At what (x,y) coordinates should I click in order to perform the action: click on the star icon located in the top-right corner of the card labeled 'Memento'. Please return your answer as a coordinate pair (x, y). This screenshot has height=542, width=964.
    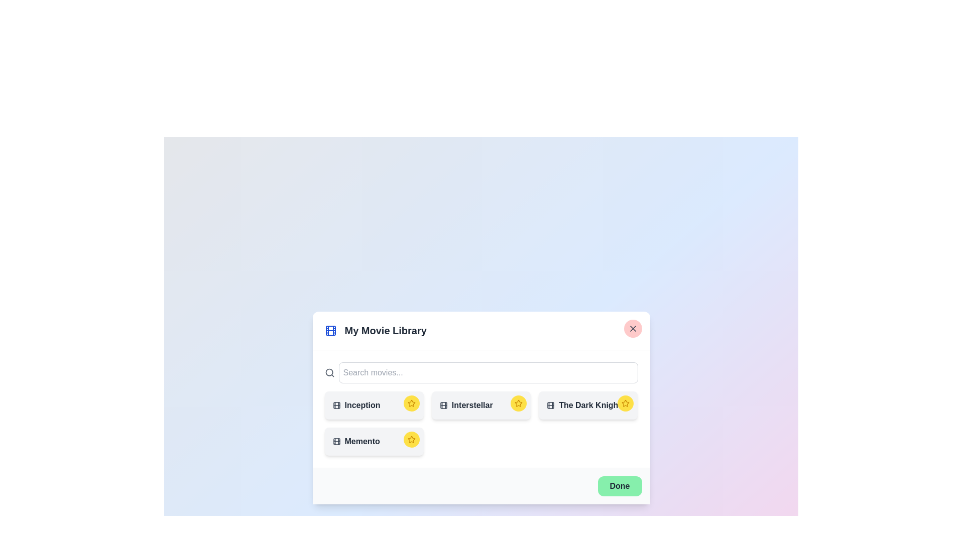
    Looking at the image, I should click on (411, 439).